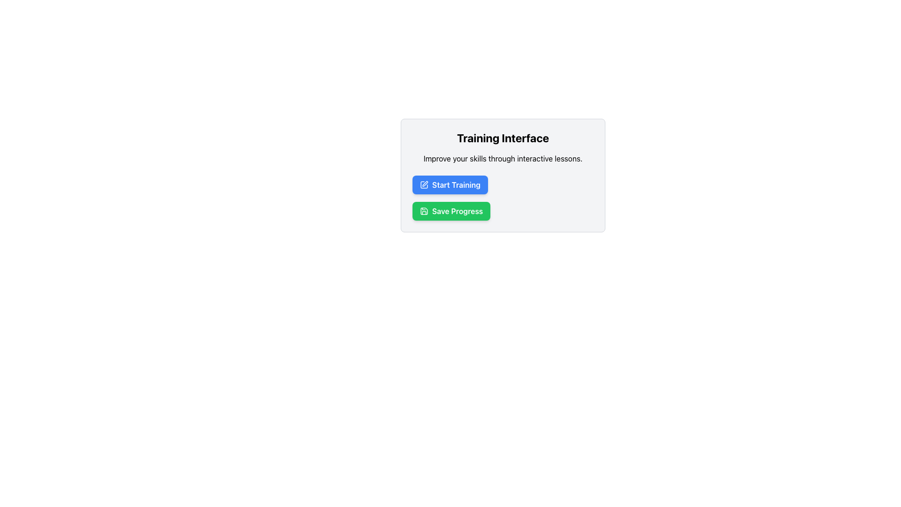 The width and height of the screenshot is (901, 507). What do you see at coordinates (450, 184) in the screenshot?
I see `the 'Start Training' button, which has a blue background, white text, and a pen icon, located within the 'Training Interface' section` at bounding box center [450, 184].